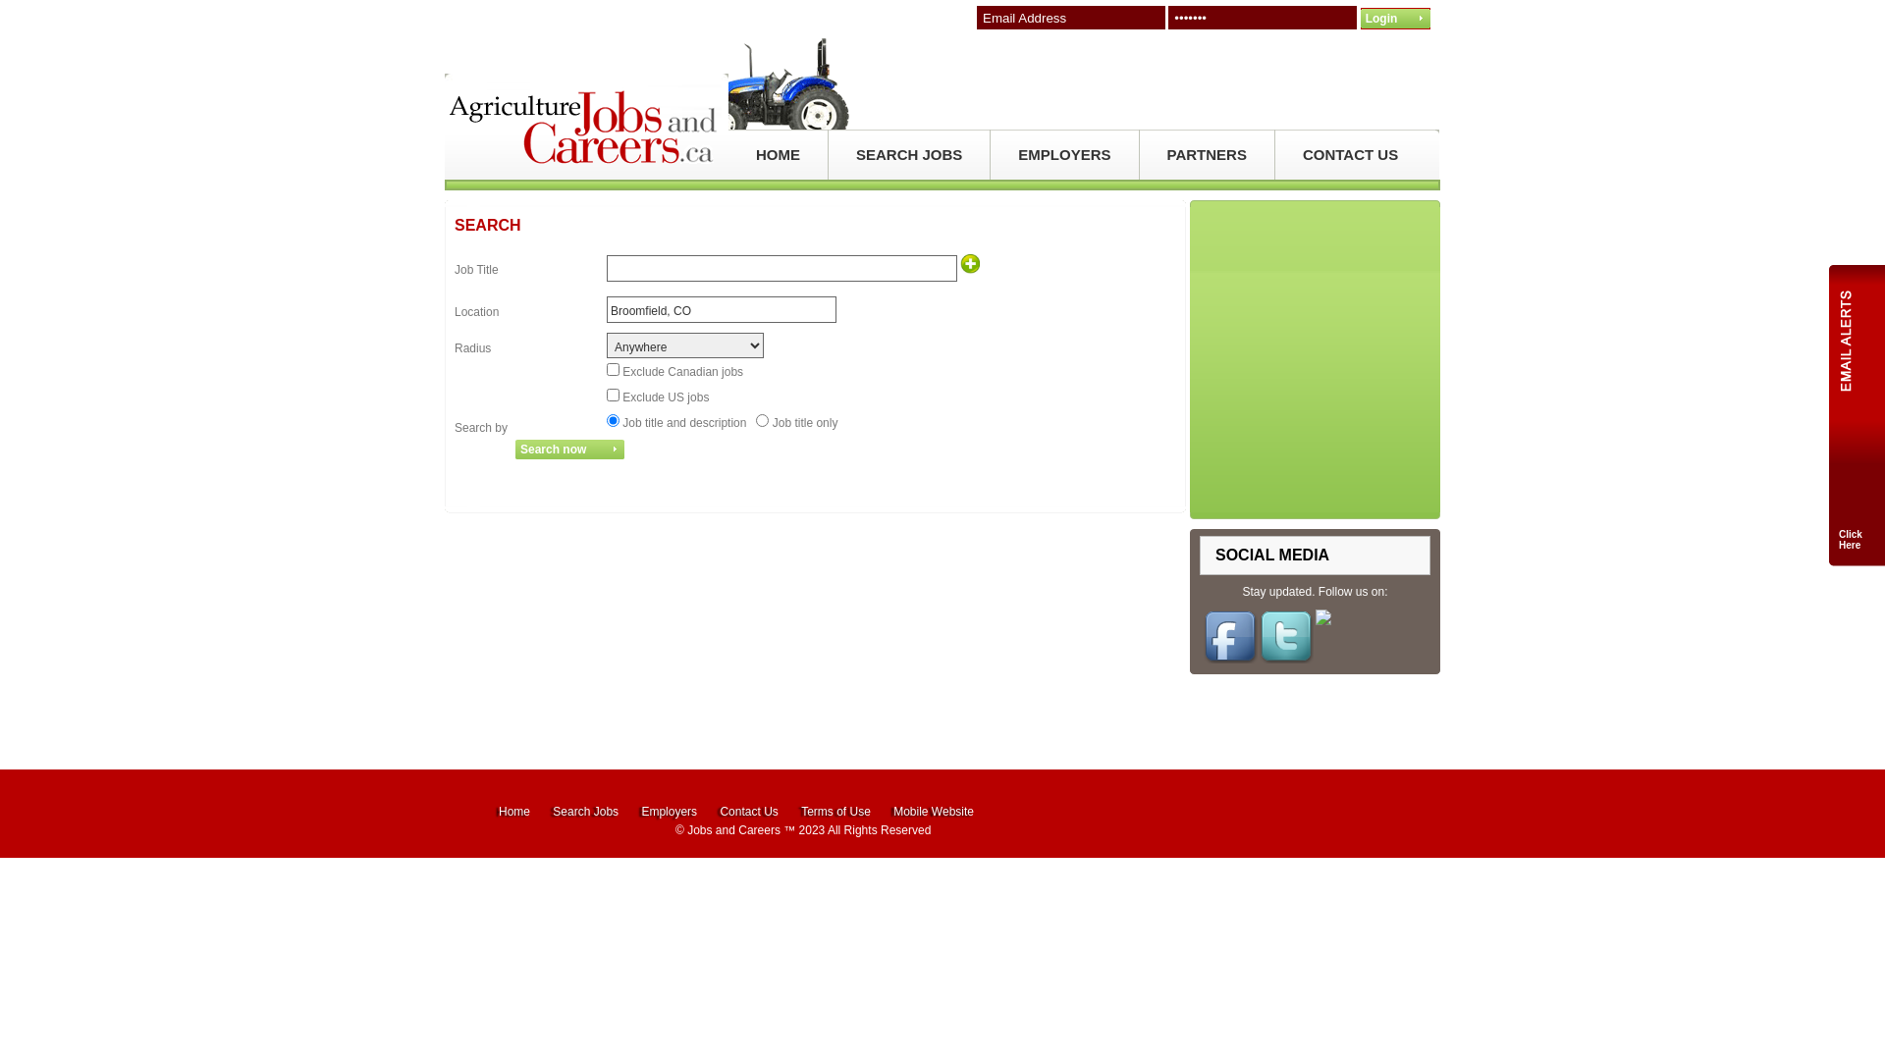  I want to click on 'SEARCH JOBS', so click(829, 153).